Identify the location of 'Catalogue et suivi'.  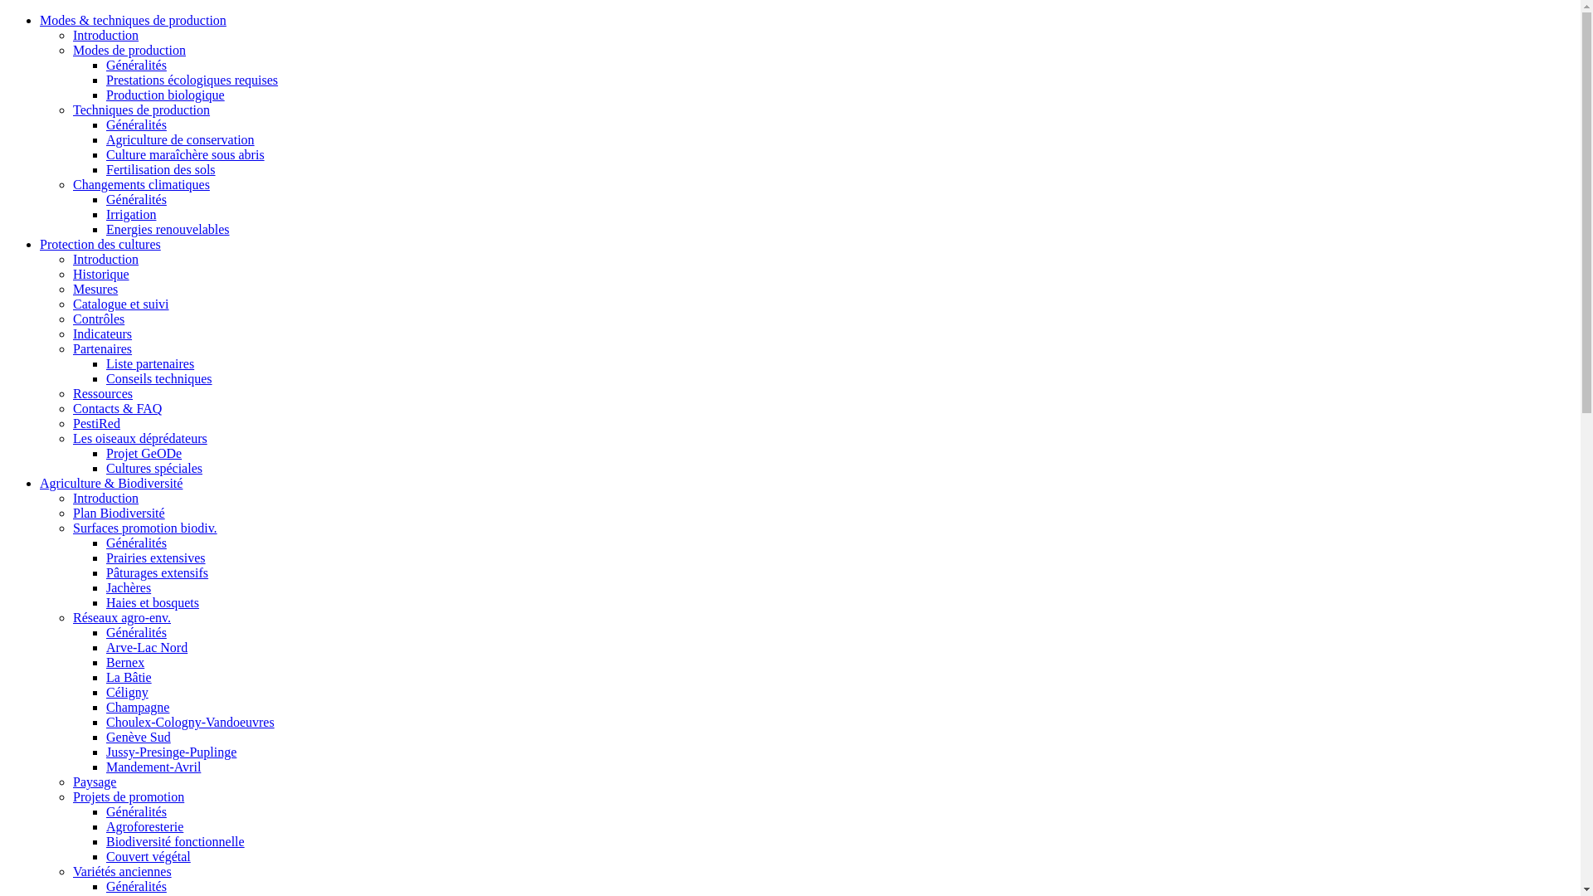
(119, 304).